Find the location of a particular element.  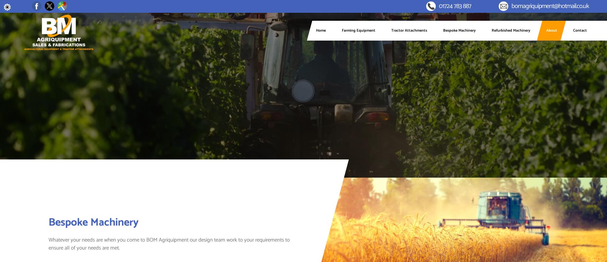

'Farming Equipment' is located at coordinates (358, 30).